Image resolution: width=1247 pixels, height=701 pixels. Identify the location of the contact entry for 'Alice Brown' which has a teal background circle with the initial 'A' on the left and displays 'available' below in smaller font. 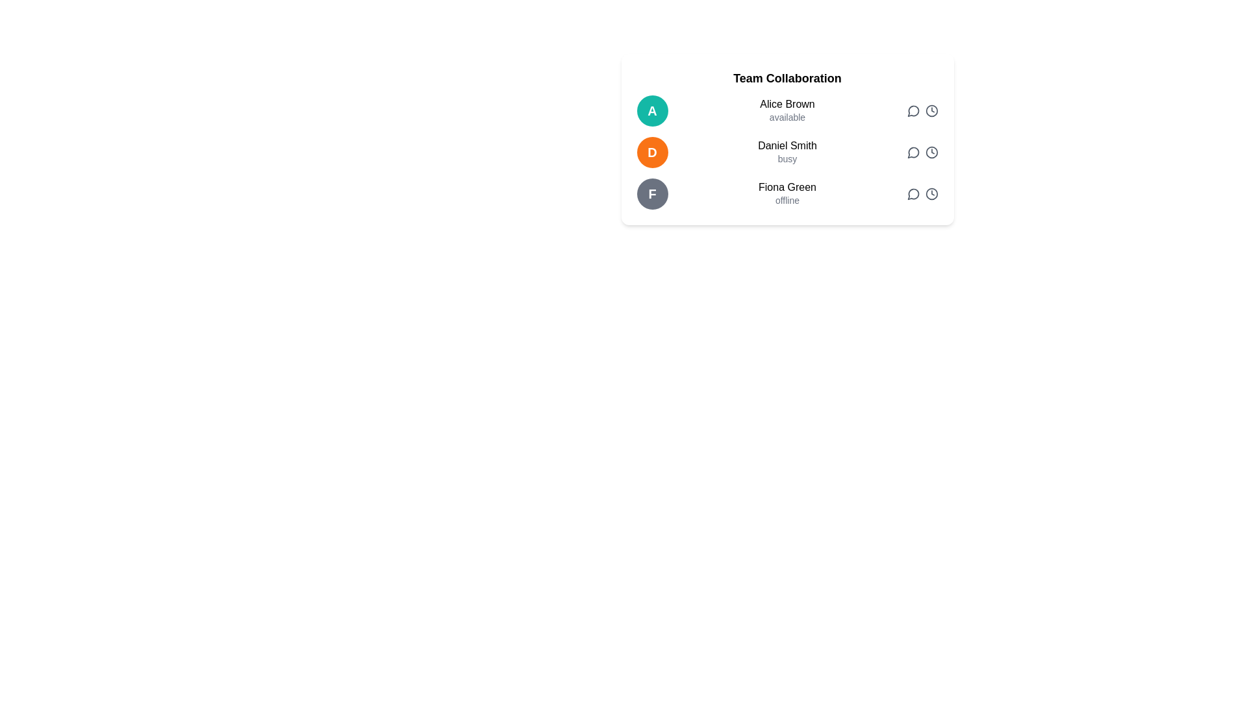
(787, 110).